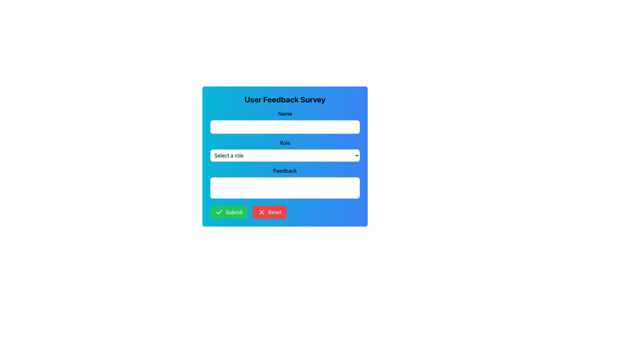 The image size is (622, 350). I want to click on the heading element that serves as the title for the feedback survey form, positioned at the top of the form above the 'Name' field and 'Role' dropdown, so click(285, 99).